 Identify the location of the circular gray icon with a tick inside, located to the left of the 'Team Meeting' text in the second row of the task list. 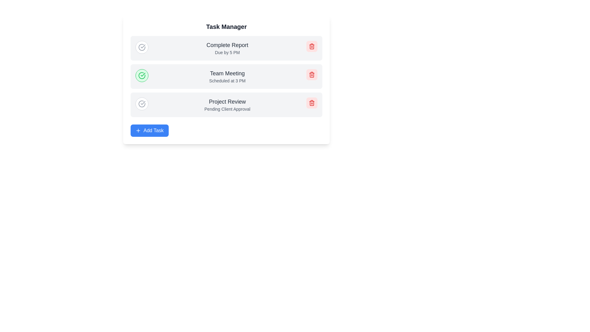
(141, 104).